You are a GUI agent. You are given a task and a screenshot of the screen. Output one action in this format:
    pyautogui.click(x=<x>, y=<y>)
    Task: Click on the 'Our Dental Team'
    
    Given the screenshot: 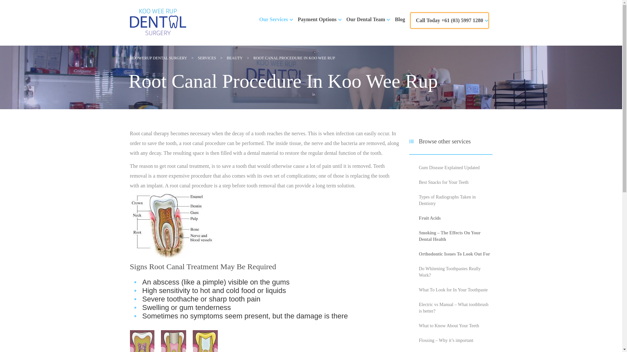 What is the action you would take?
    pyautogui.click(x=366, y=19)
    